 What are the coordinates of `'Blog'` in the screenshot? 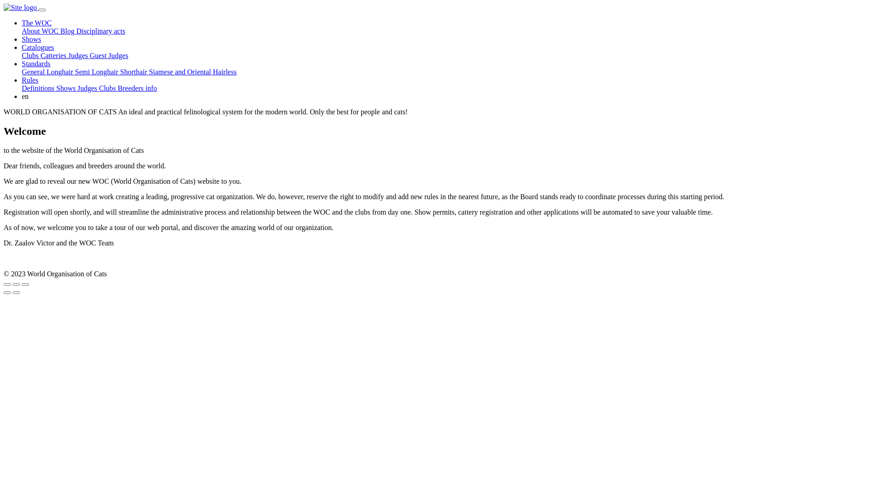 It's located at (68, 30).